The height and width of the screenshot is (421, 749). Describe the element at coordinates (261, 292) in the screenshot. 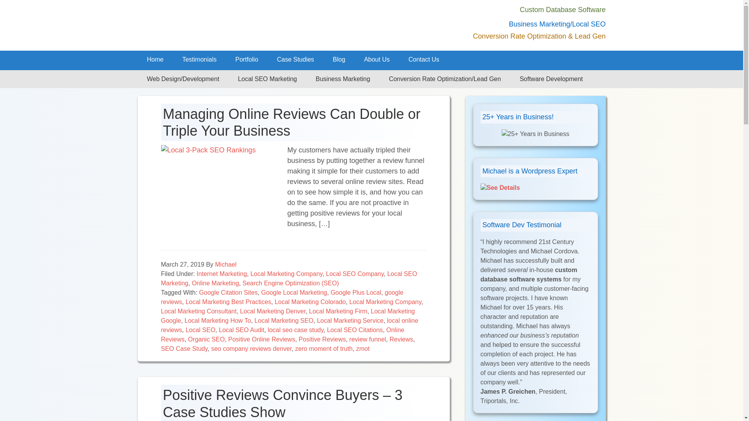

I see `'Google Local Marketing'` at that location.